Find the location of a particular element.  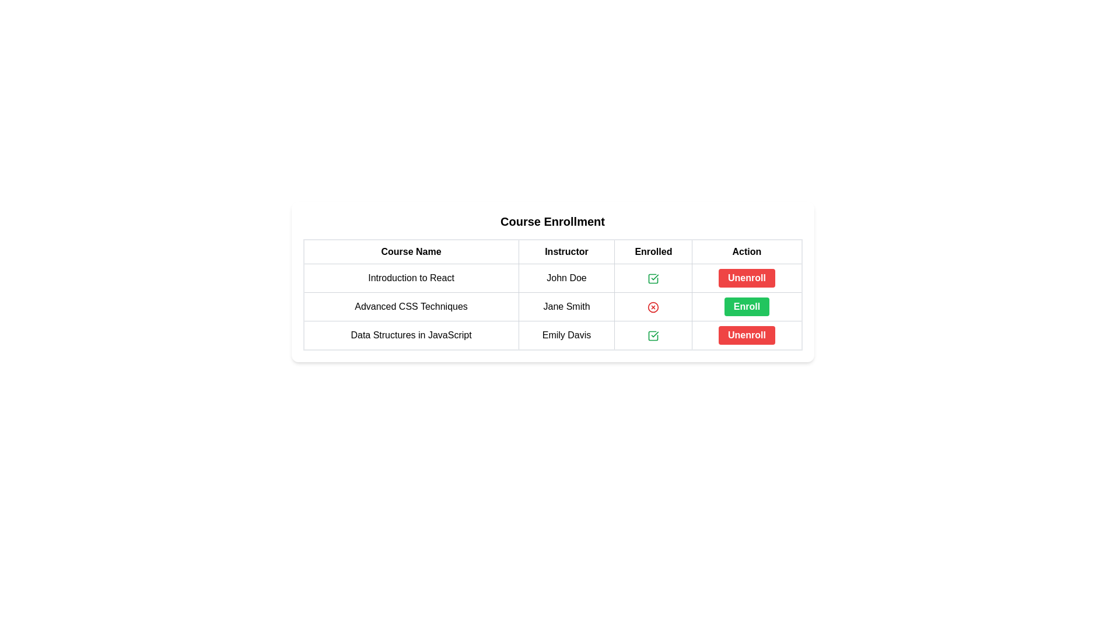

the fourth column header in the table that indicates the purpose of the last column for actions related to the rows' contents is located at coordinates (747, 251).